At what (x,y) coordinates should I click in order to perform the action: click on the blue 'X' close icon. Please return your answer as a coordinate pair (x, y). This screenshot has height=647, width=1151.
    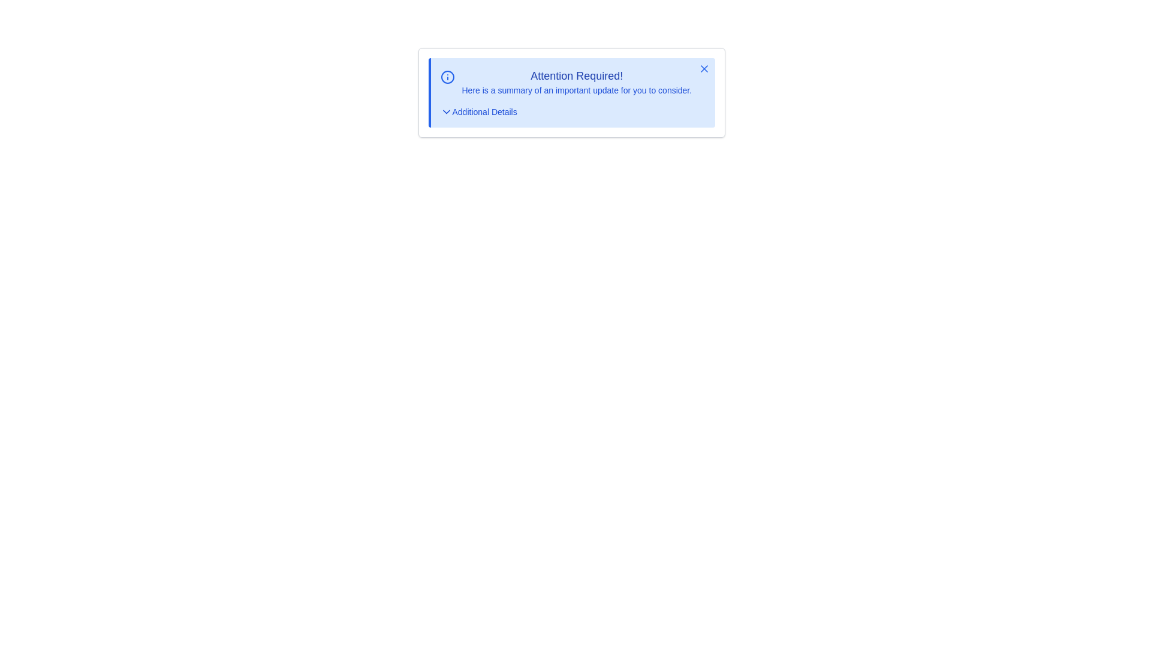
    Looking at the image, I should click on (704, 69).